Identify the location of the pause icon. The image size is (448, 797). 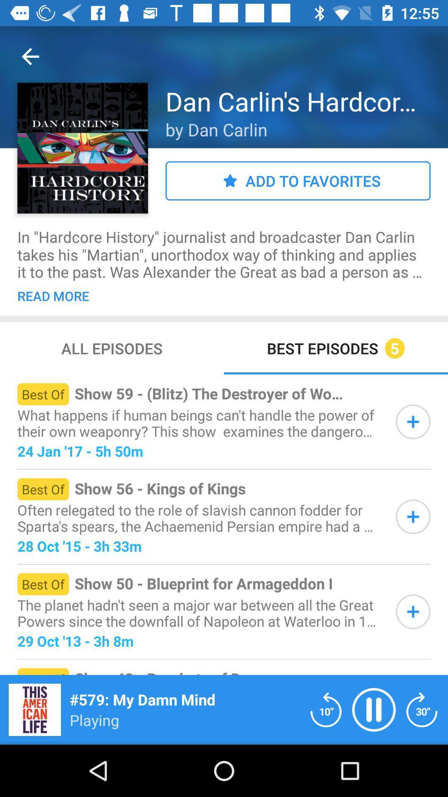
(374, 709).